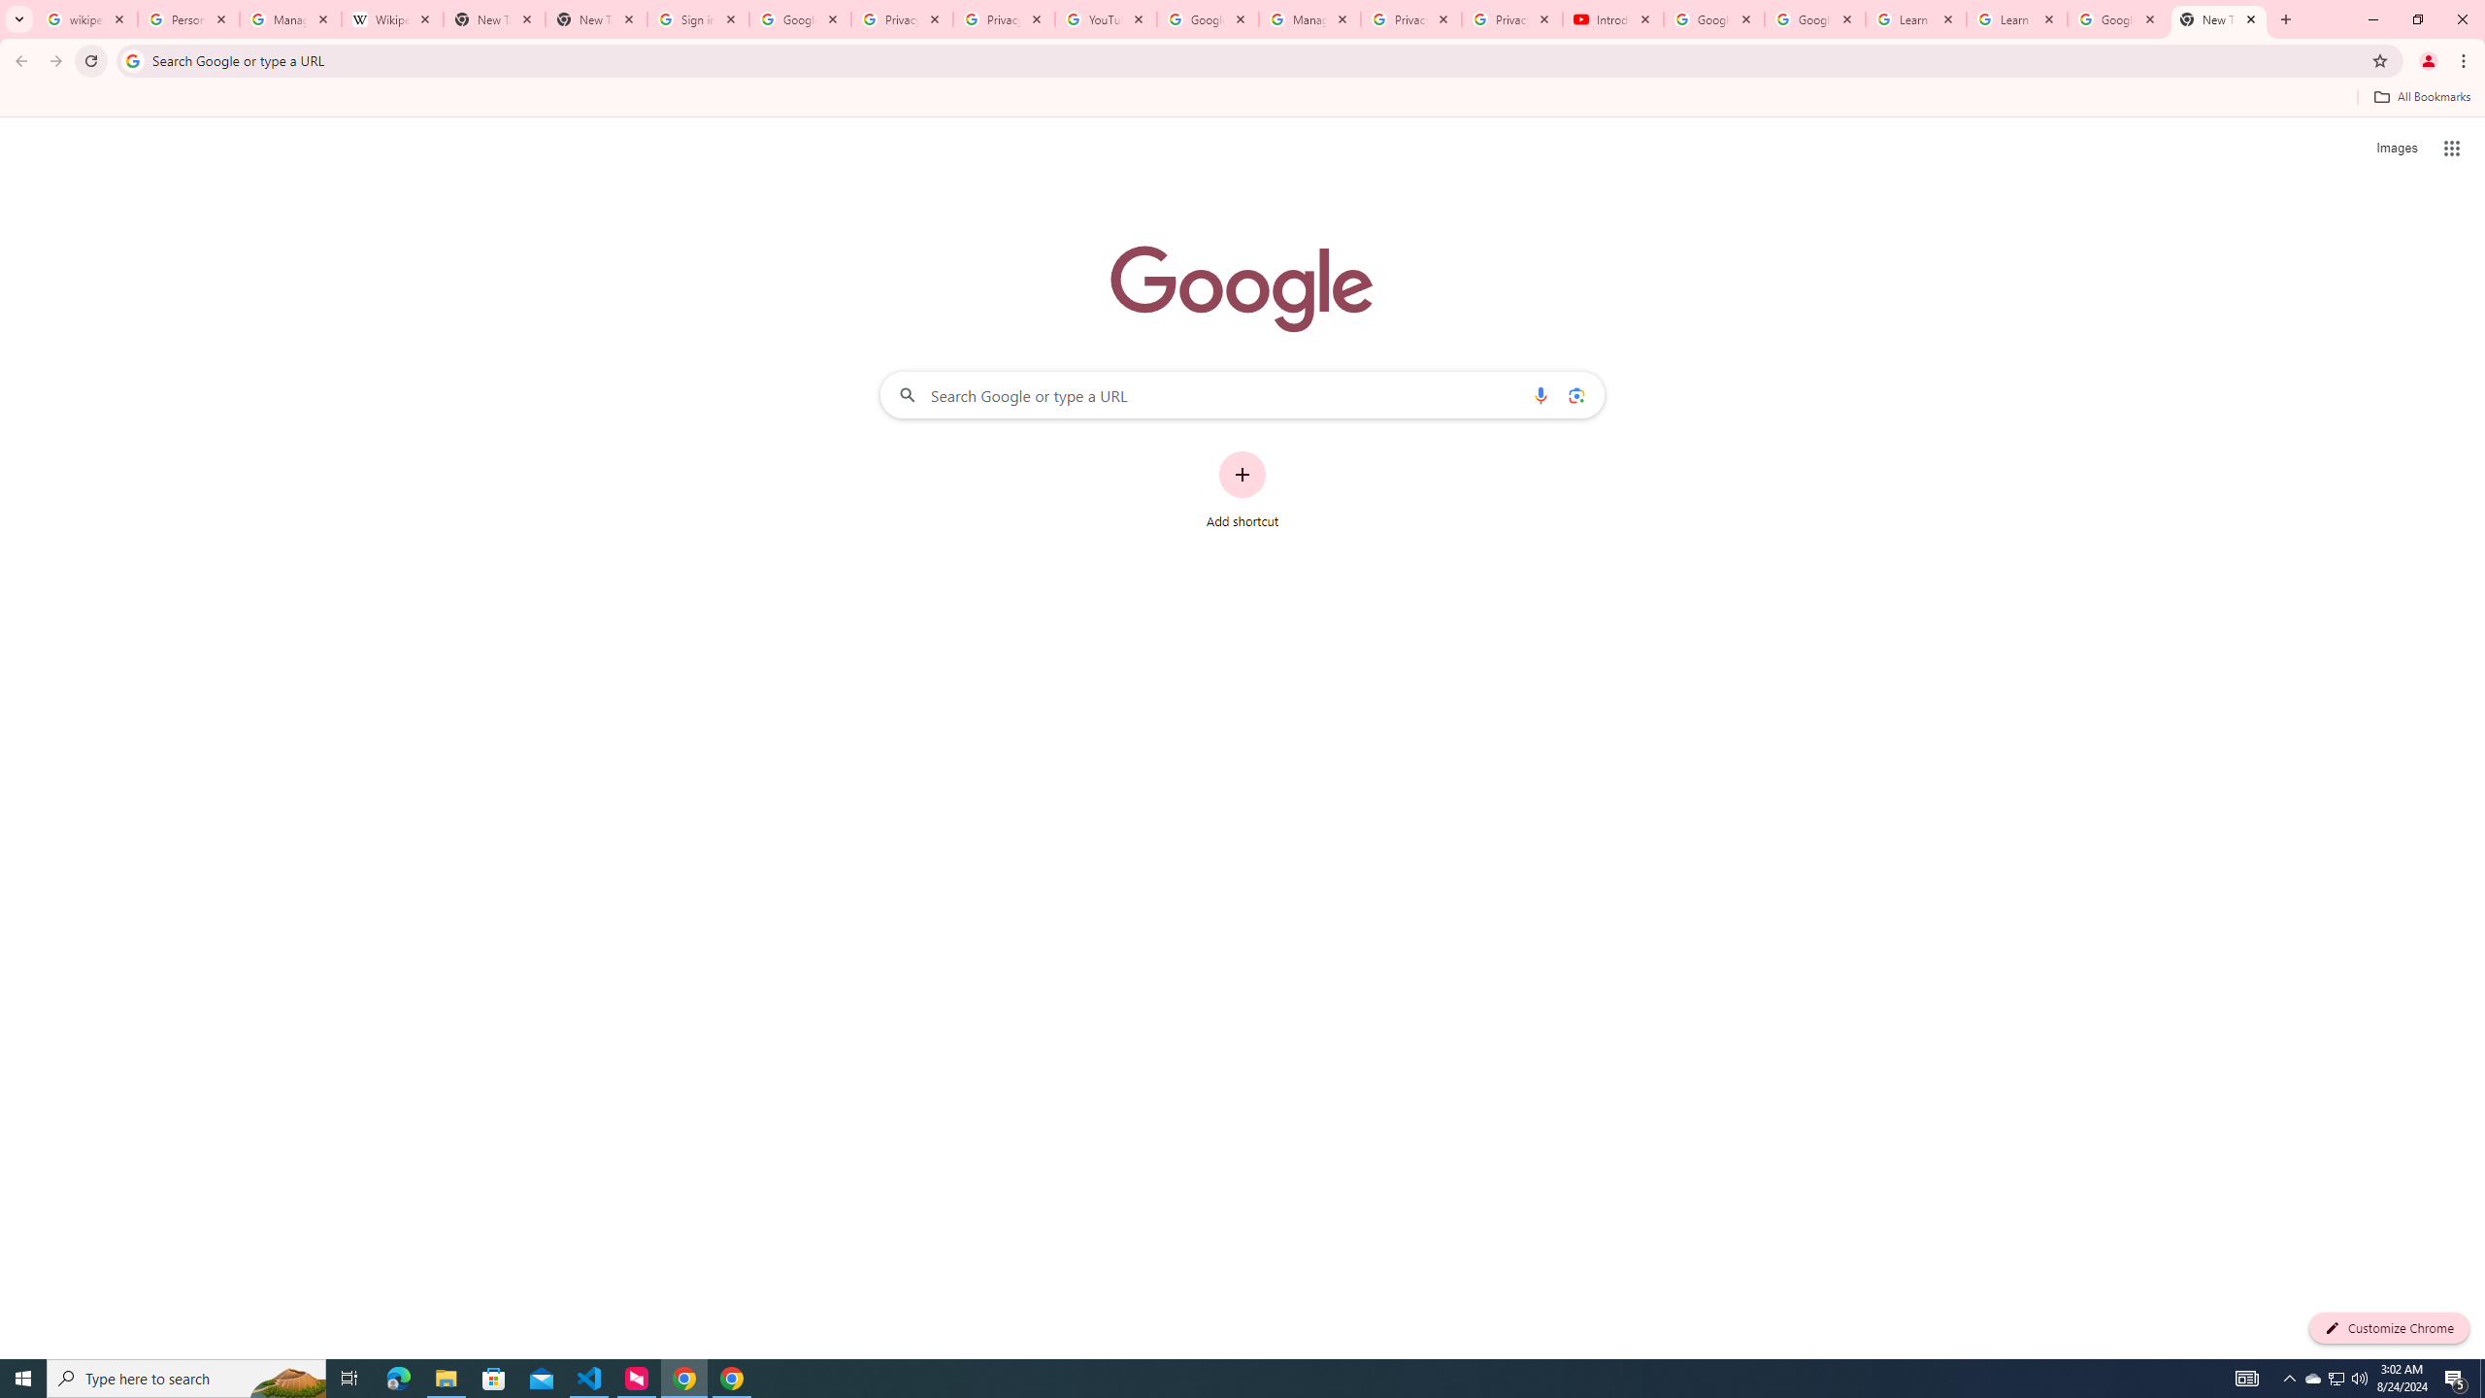 Image resolution: width=2485 pixels, height=1398 pixels. Describe the element at coordinates (1242, 393) in the screenshot. I see `'Search Google or type a URL'` at that location.